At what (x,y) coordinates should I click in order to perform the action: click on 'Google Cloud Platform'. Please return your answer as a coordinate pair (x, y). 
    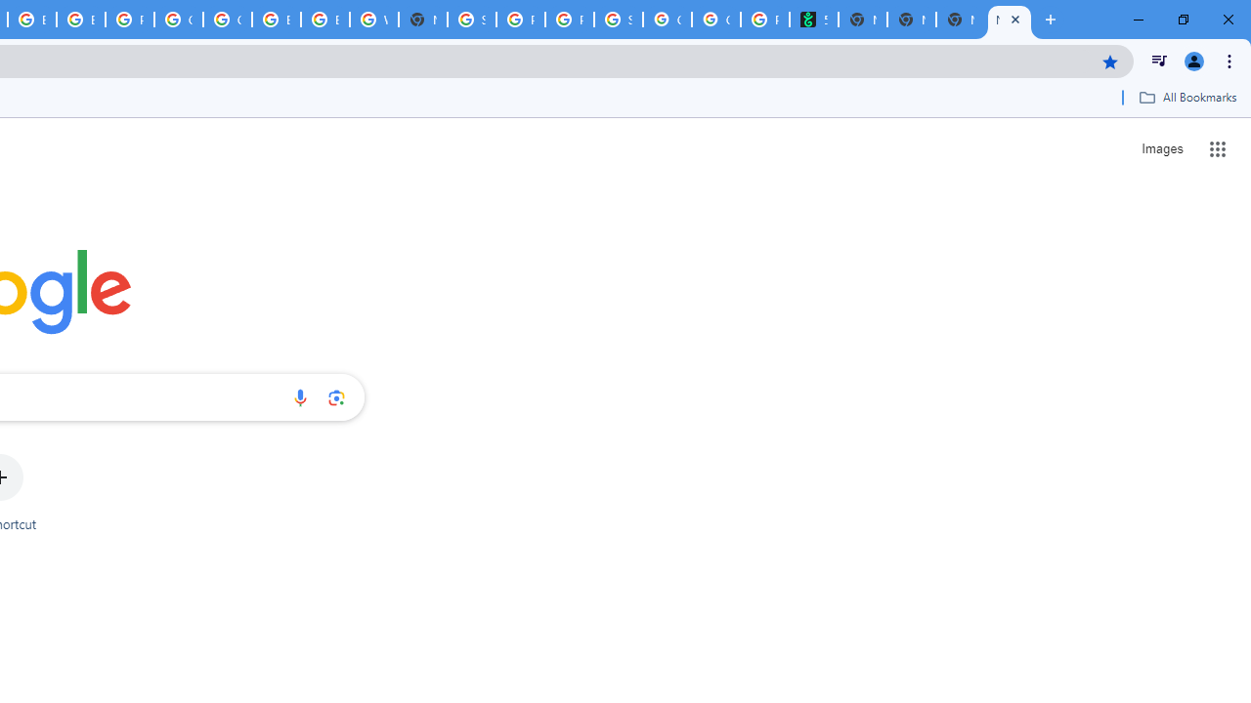
    Looking at the image, I should click on (179, 20).